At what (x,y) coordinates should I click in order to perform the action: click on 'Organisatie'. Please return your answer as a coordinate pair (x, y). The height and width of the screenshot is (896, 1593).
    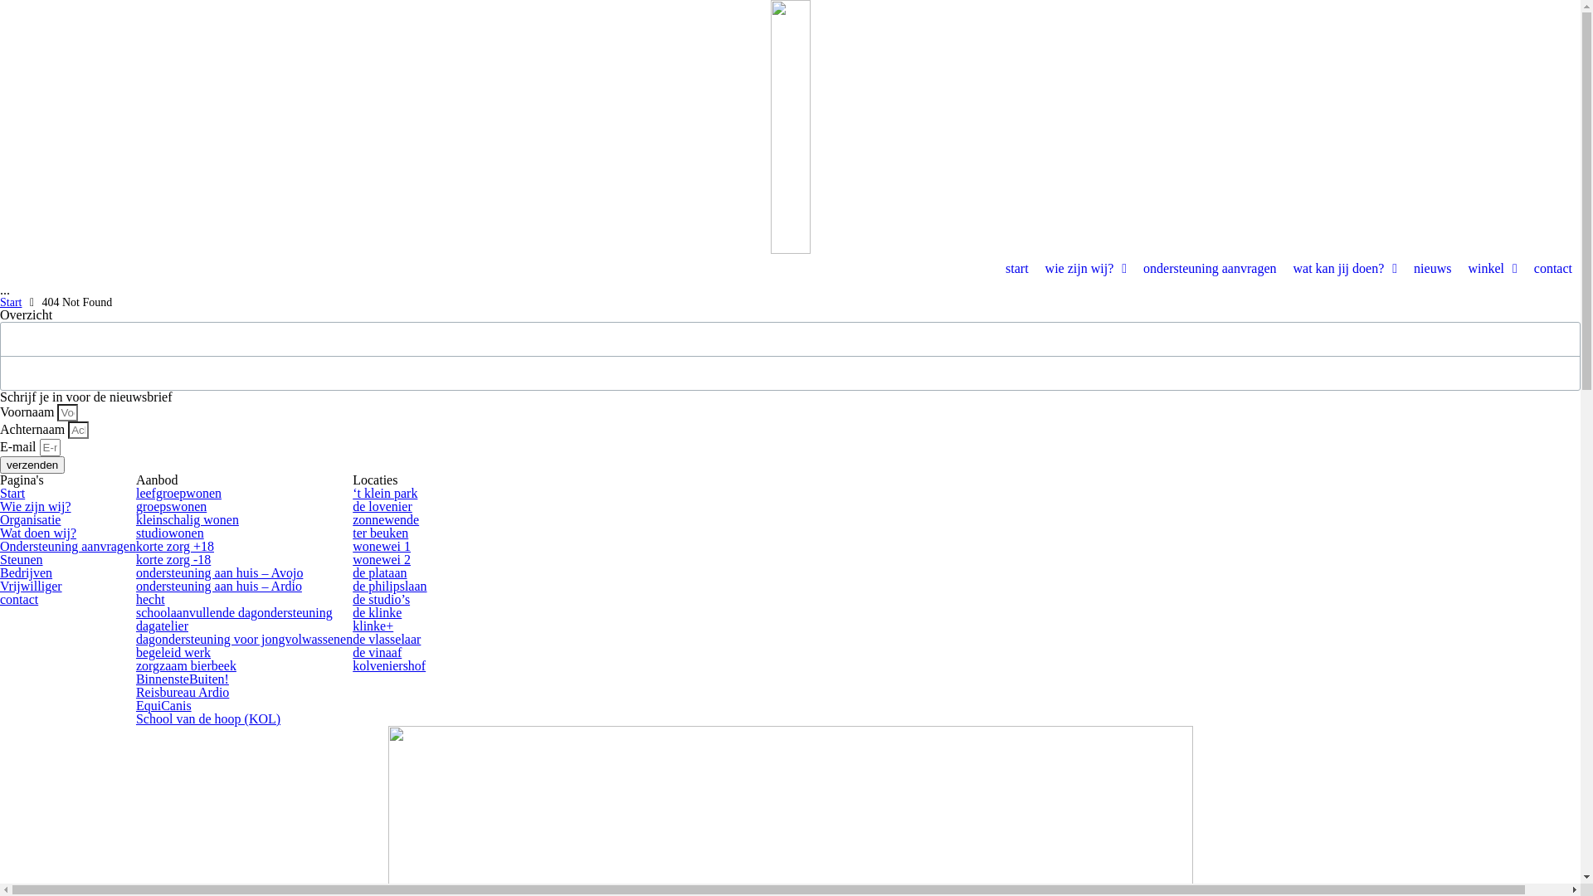
    Looking at the image, I should click on (30, 519).